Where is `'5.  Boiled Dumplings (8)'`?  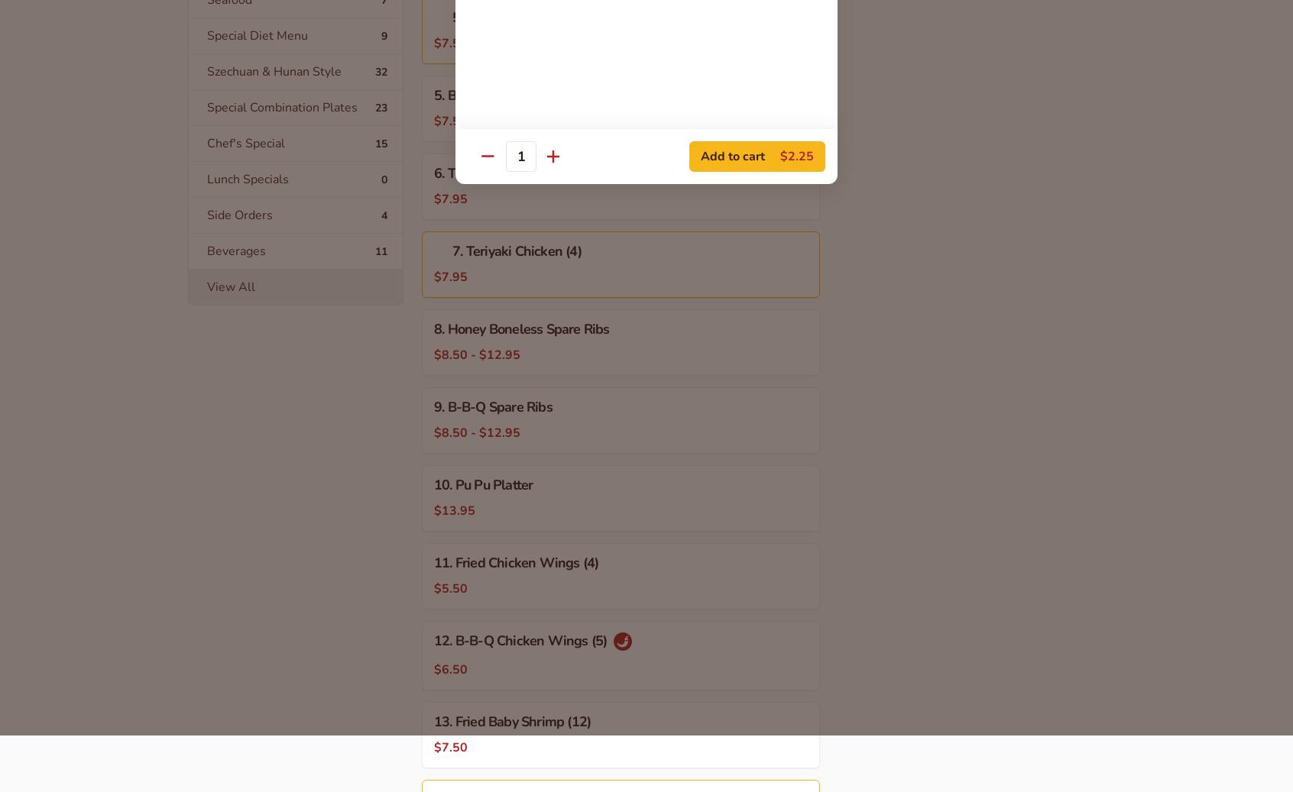 '5.  Boiled Dumplings (8)' is located at coordinates (503, 94).